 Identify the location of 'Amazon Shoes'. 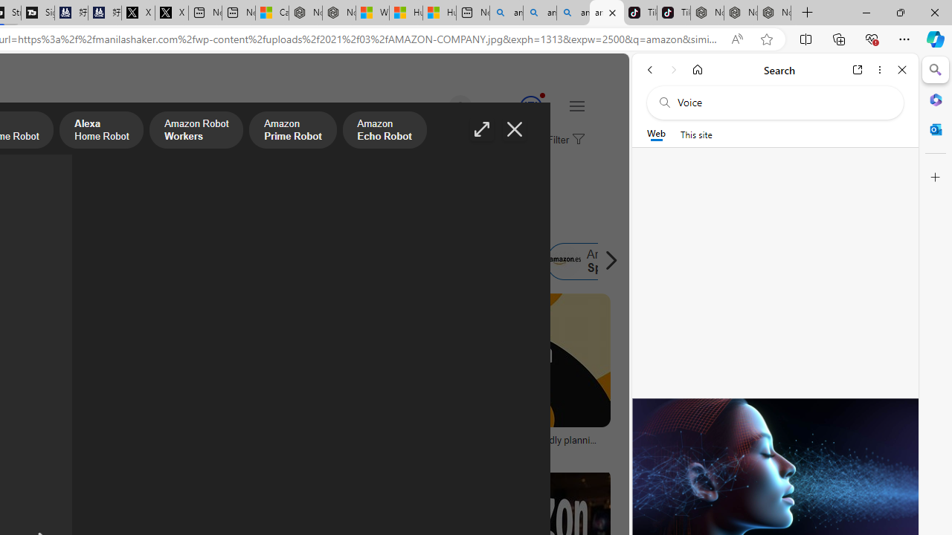
(490, 261).